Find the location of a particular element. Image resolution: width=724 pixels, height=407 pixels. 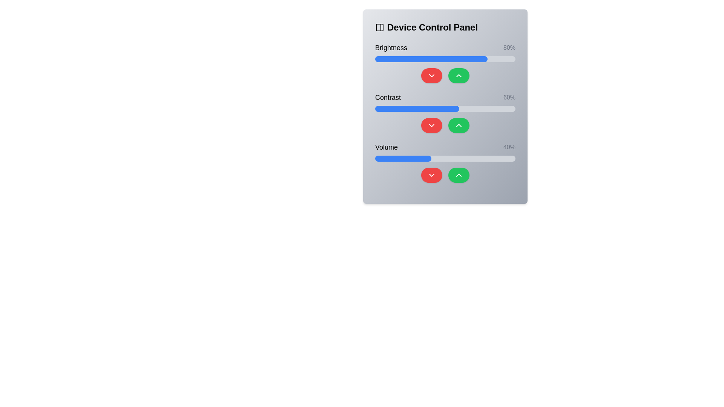

the contrast level is located at coordinates (480, 109).